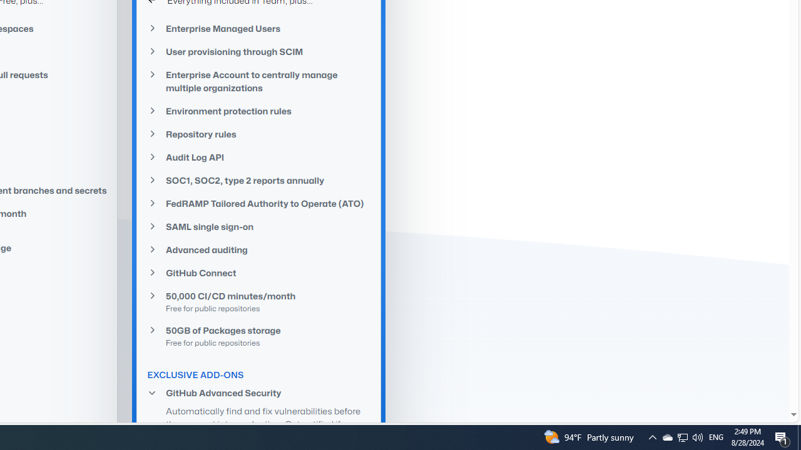 The height and width of the screenshot is (450, 801). I want to click on 'Enterprise Managed Users', so click(258, 28).